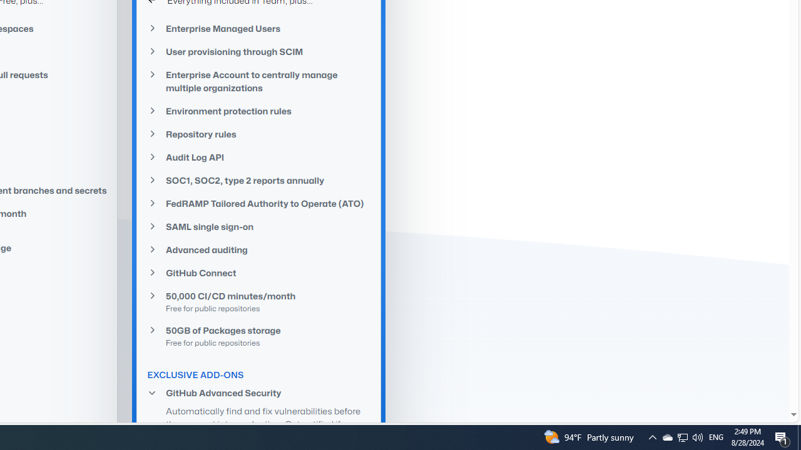 The height and width of the screenshot is (450, 801). I want to click on 'Enterprise Managed Users', so click(258, 28).